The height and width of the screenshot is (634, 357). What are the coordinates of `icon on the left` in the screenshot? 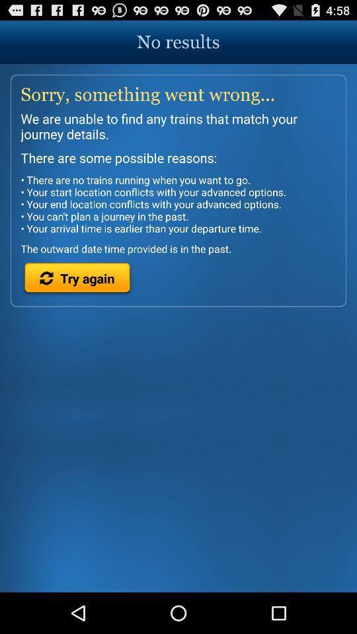 It's located at (77, 280).